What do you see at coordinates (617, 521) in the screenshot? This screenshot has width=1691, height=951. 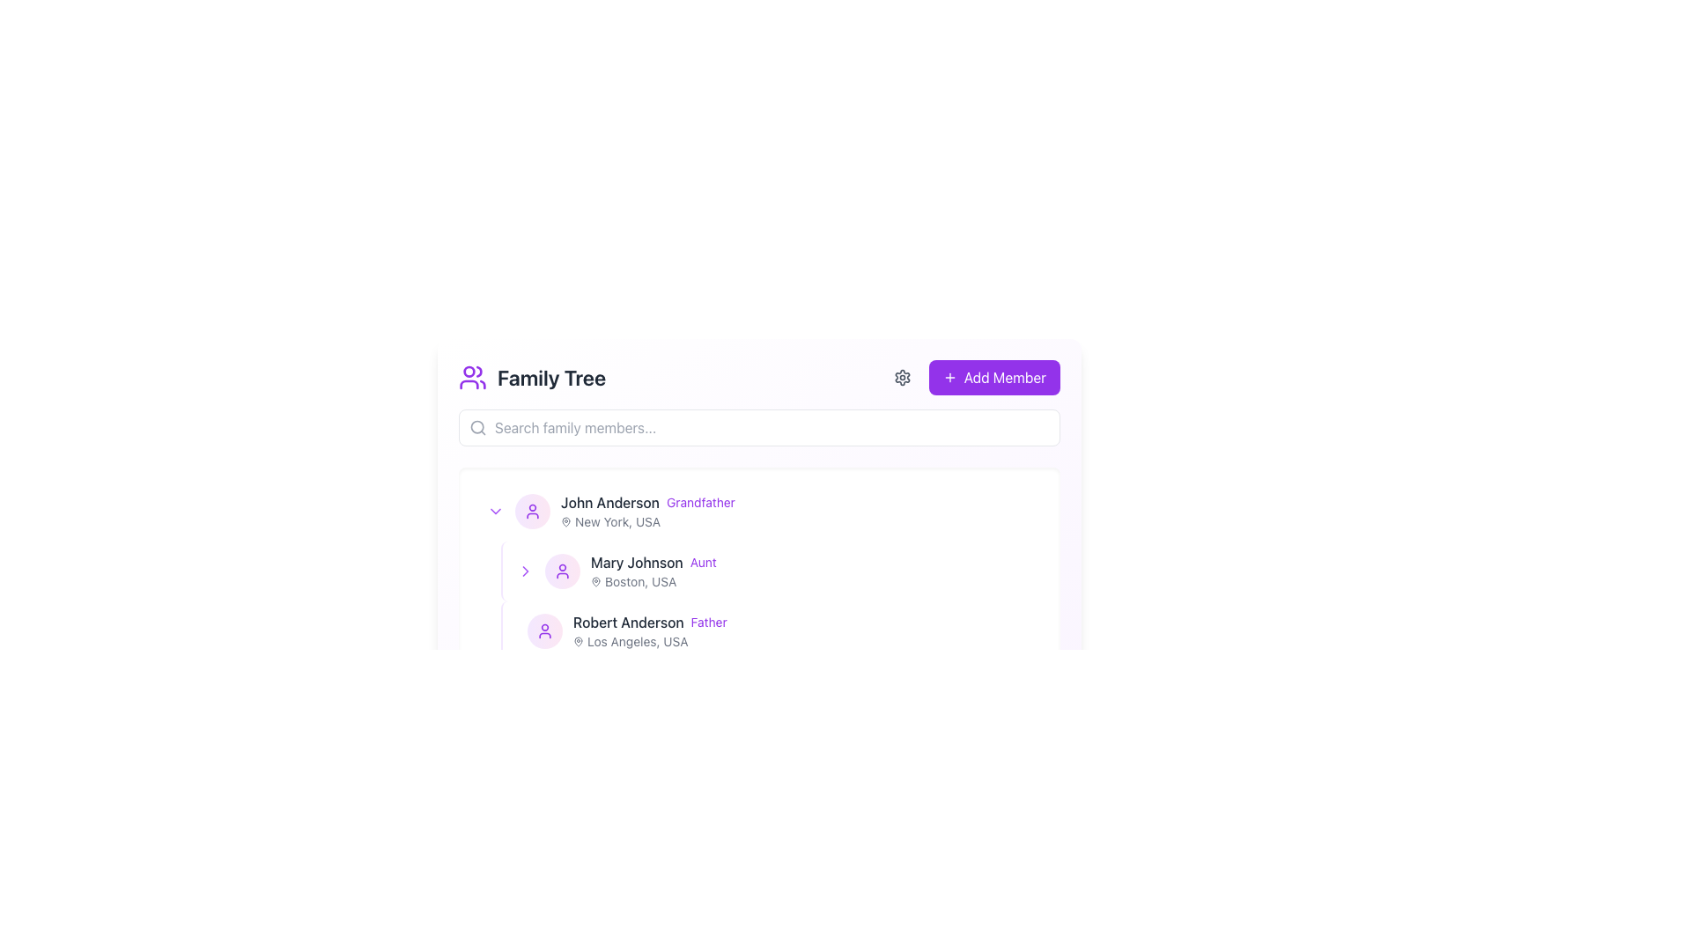 I see `the text label displaying the location 'New York, USA' associated with 'John Anderson' in the family tree interface` at bounding box center [617, 521].